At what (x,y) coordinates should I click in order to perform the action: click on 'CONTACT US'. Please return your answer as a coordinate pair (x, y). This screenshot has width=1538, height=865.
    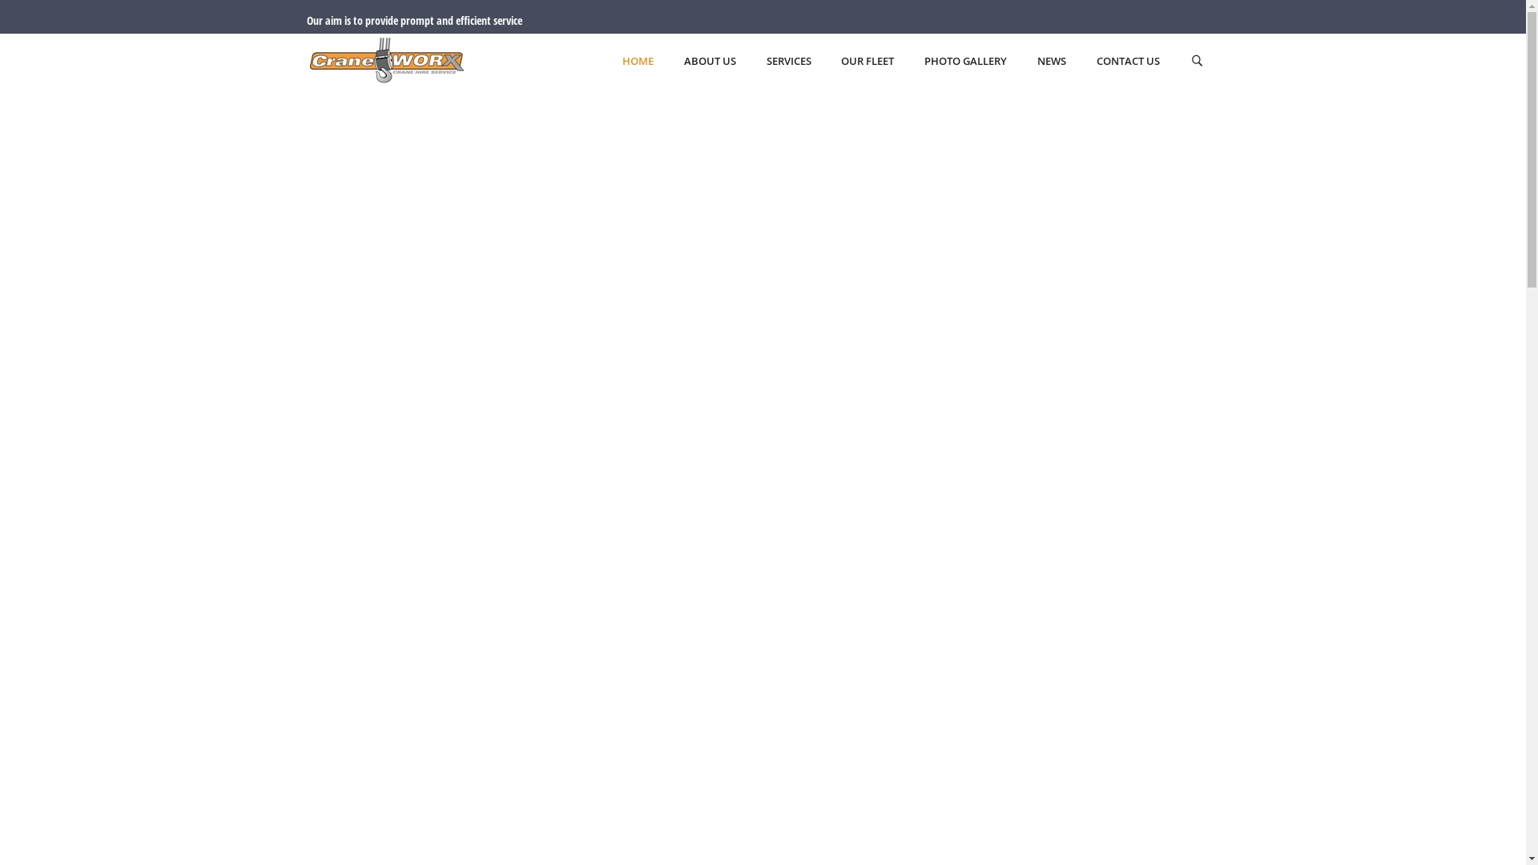
    Looking at the image, I should click on (1127, 61).